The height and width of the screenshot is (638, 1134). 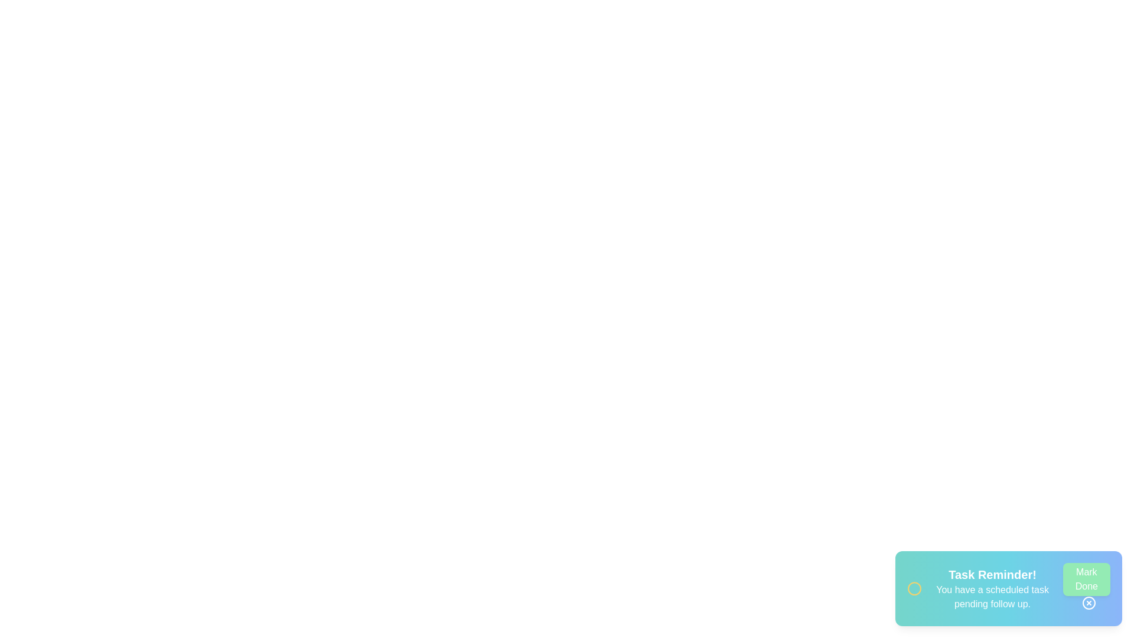 What do you see at coordinates (1088, 603) in the screenshot?
I see `the close button to dismiss the notification` at bounding box center [1088, 603].